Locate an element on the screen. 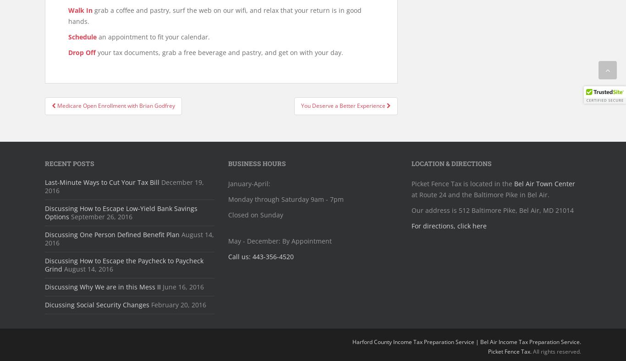  'For directions, click here' is located at coordinates (449, 225).